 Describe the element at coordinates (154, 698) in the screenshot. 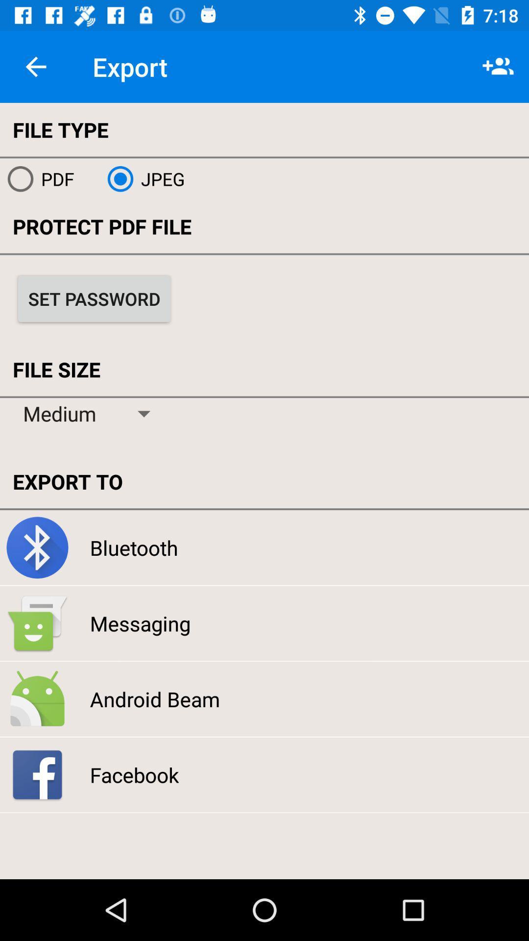

I see `the android beam` at that location.